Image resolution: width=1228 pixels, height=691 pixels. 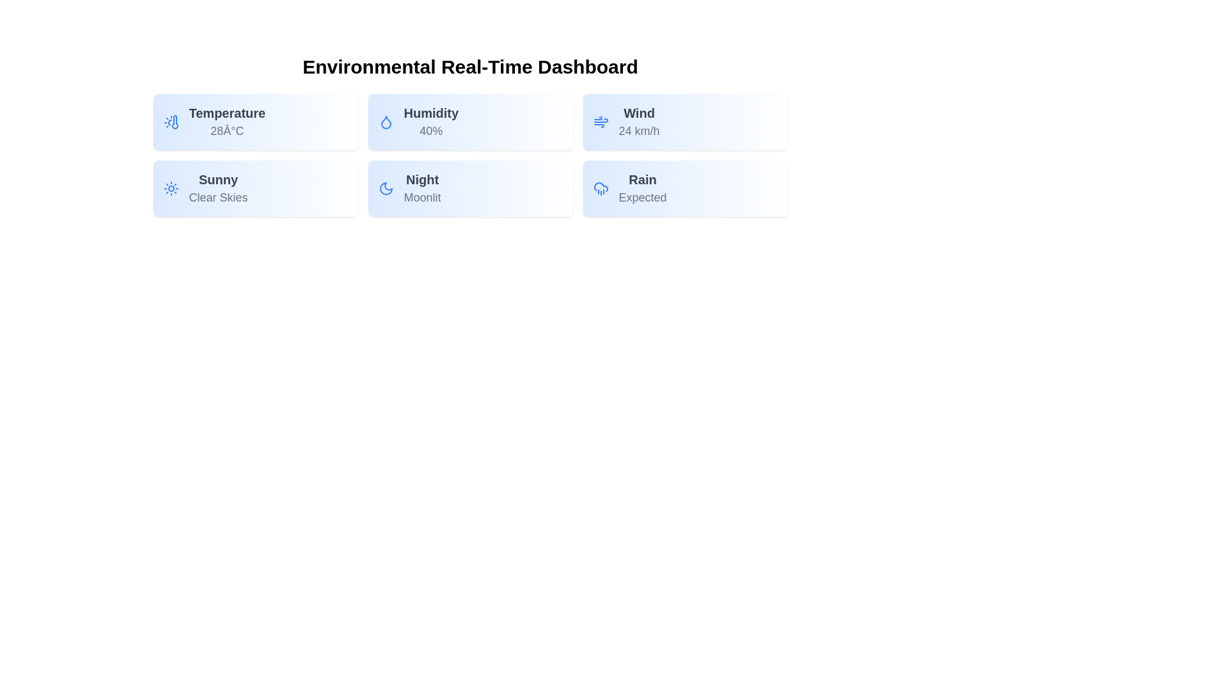 I want to click on the weather status card titled 'Night' with the subtitle 'Moonlit', located in the second row and second column of the grid layout, so click(x=469, y=188).